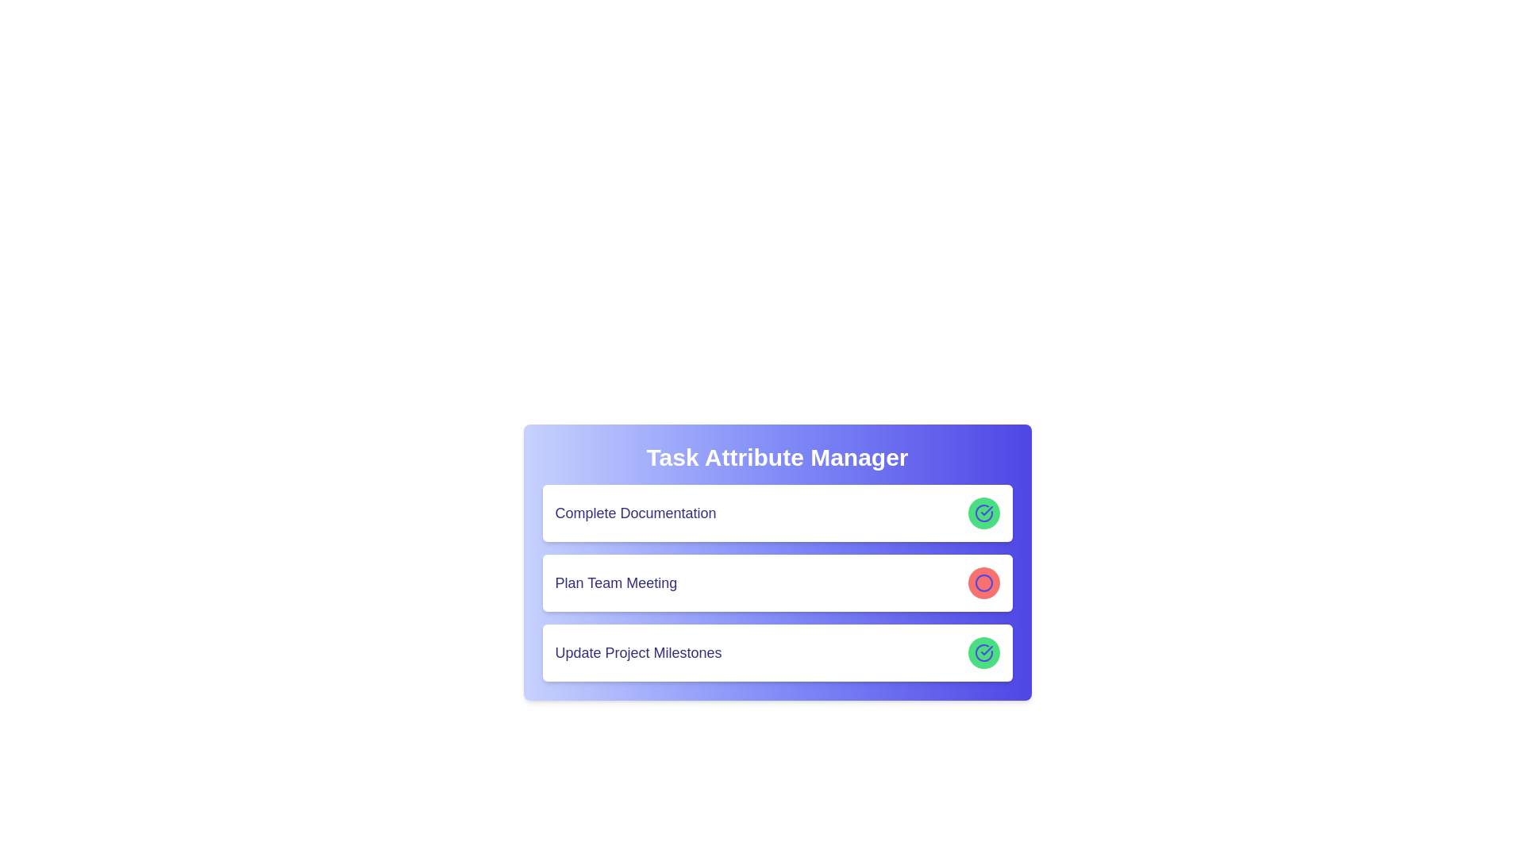  What do you see at coordinates (983, 513) in the screenshot?
I see `the circular green icon with a checkmark symbol that represents a validation state, located next to 'Complete Documentation' in the first row of the task list` at bounding box center [983, 513].